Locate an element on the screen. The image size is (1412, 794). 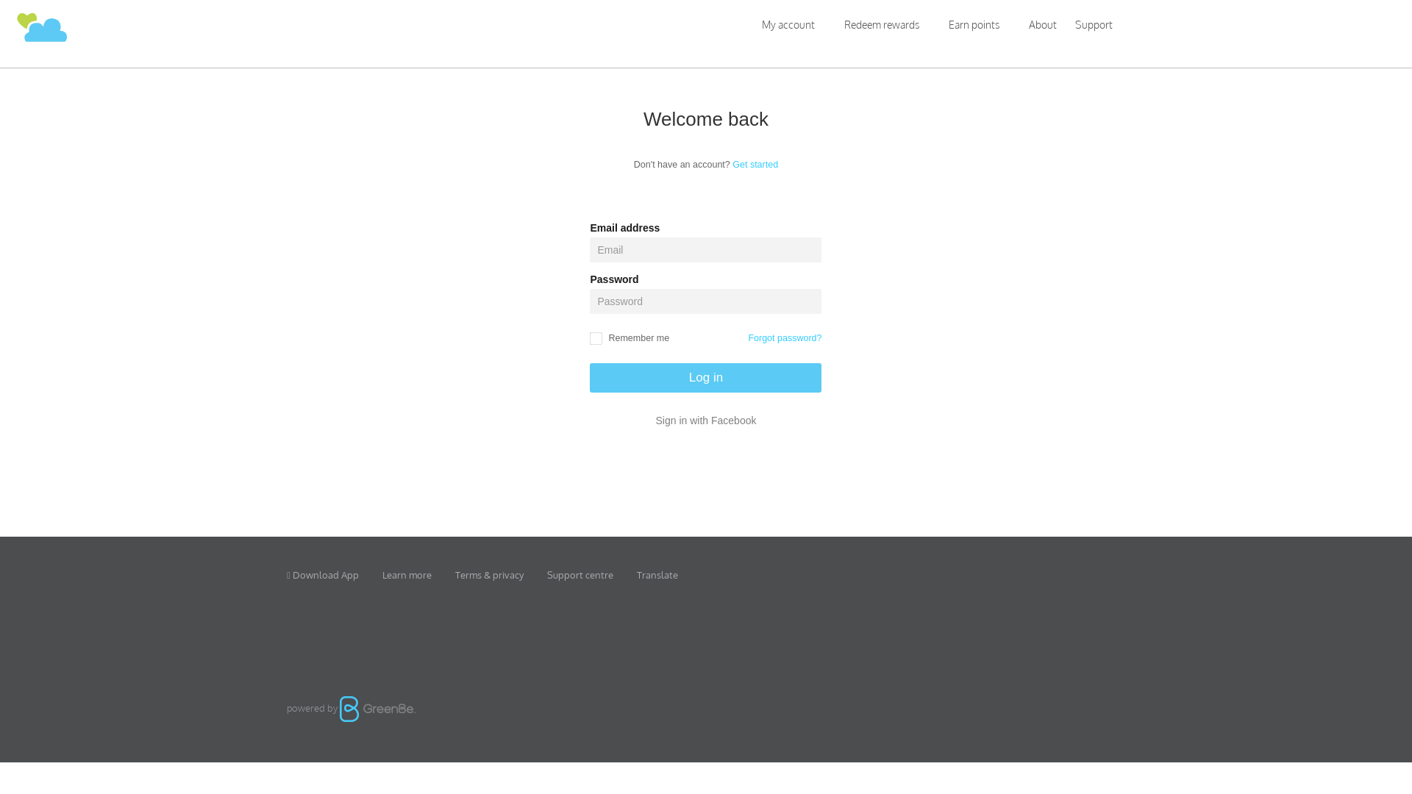
'Log in' is located at coordinates (705, 376).